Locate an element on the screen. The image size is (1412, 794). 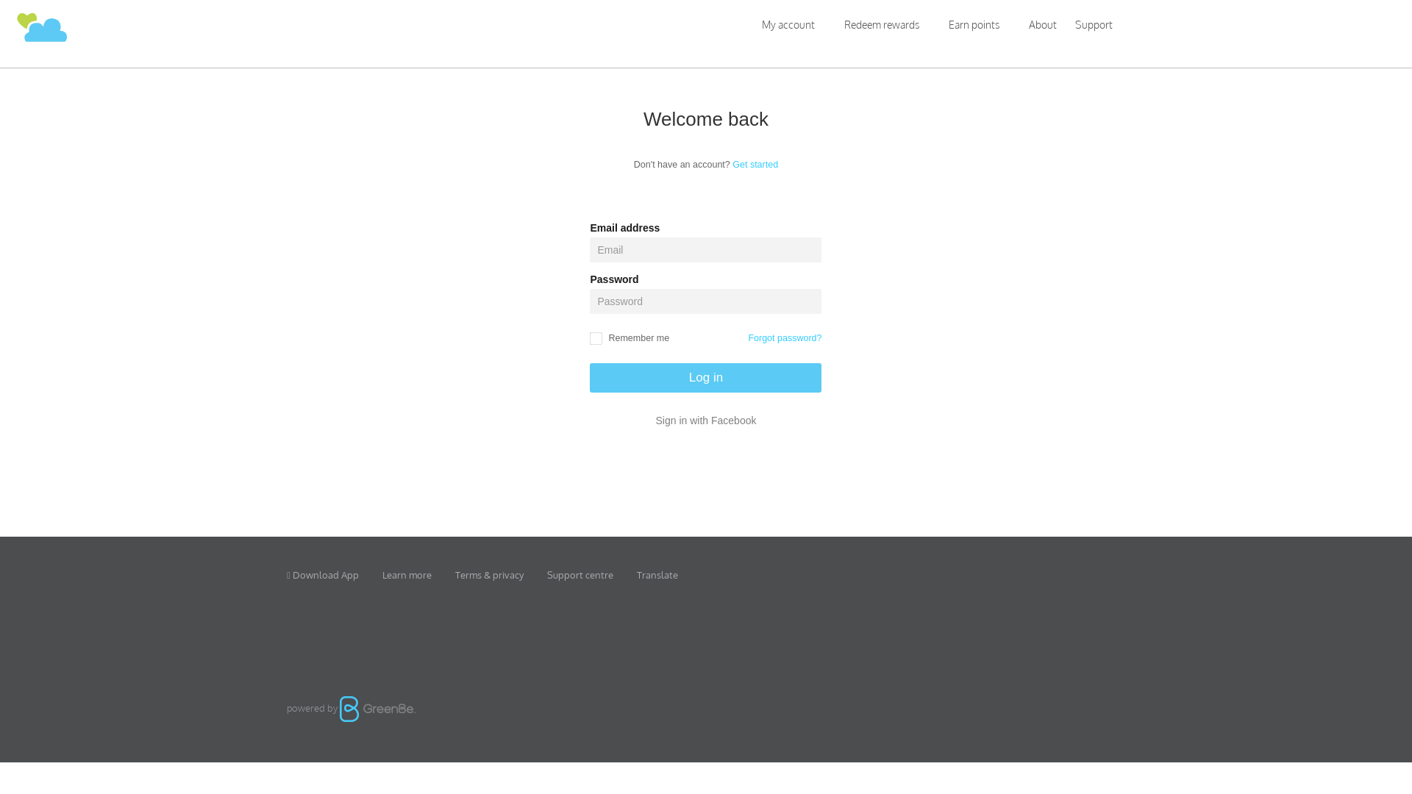
'Log in' is located at coordinates (705, 376).